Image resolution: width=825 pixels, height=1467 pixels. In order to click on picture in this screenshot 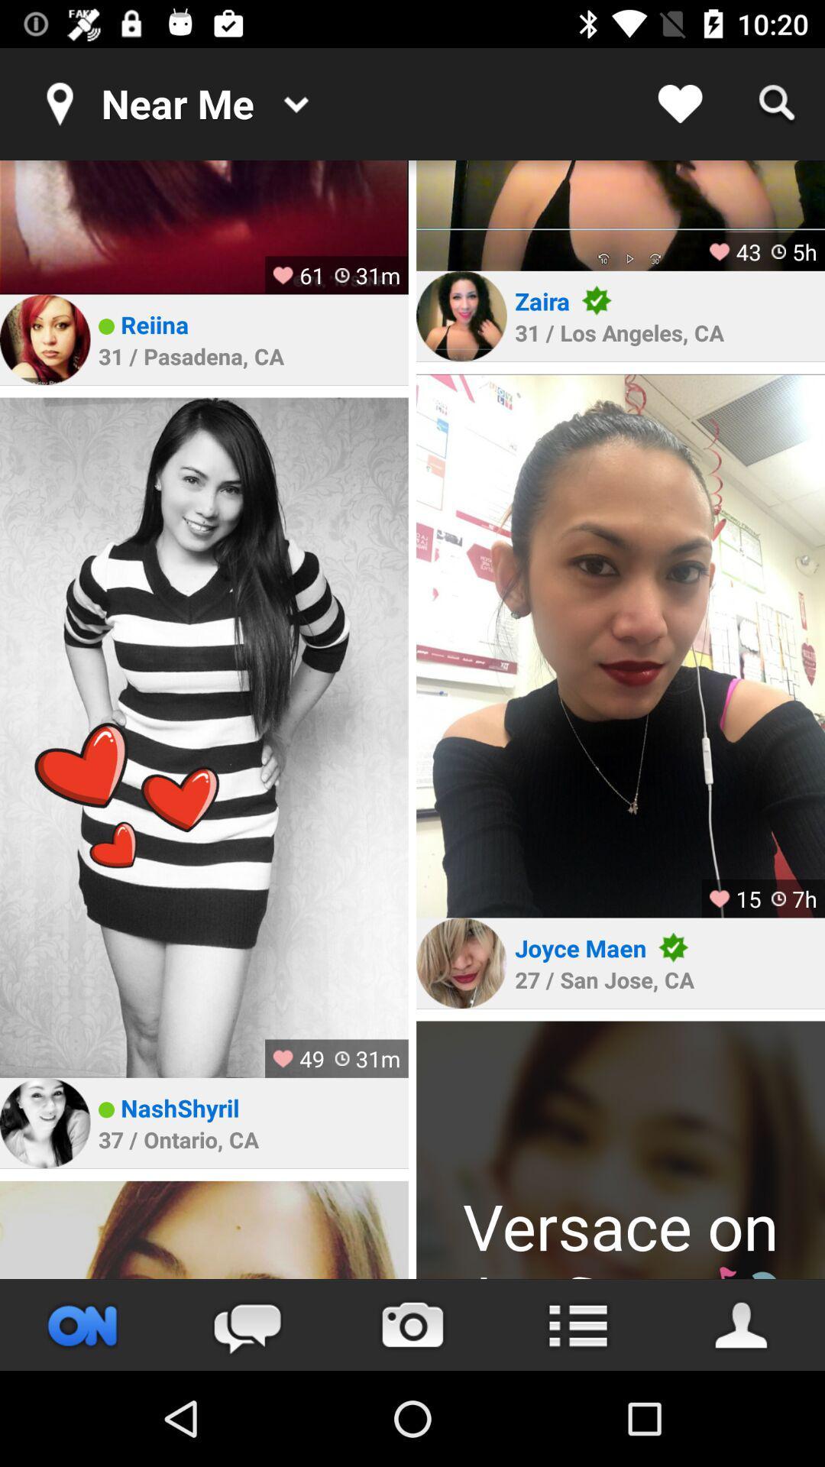, I will do `click(203, 226)`.